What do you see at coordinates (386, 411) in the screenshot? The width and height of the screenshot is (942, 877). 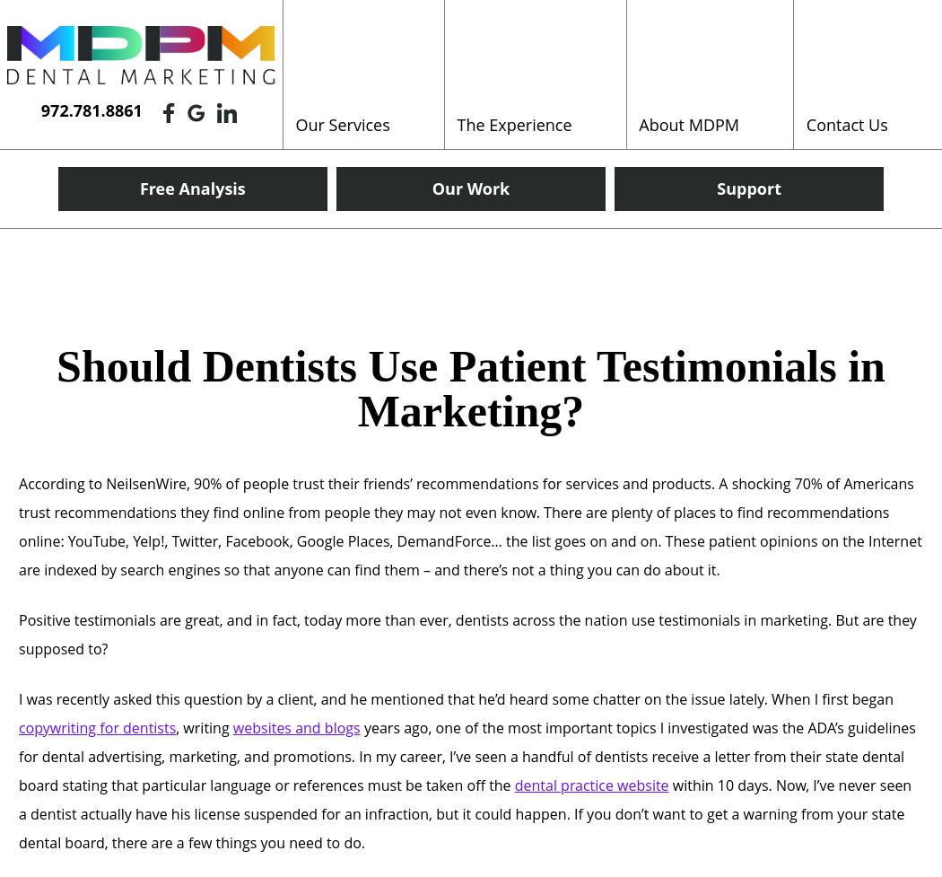 I see `'Reputation Management'` at bounding box center [386, 411].